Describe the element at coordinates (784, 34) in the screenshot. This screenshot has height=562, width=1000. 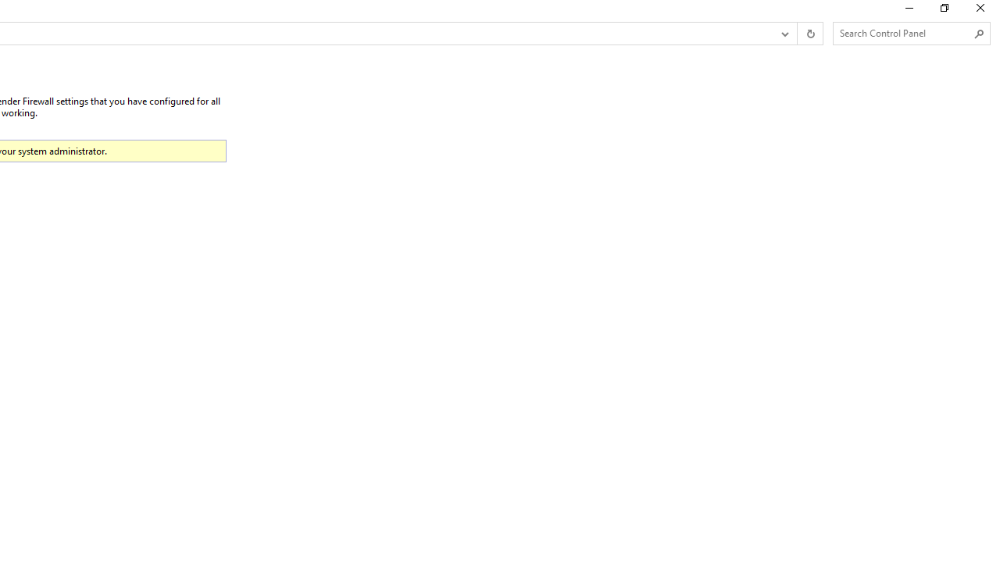
I see `'Previous Locations'` at that location.